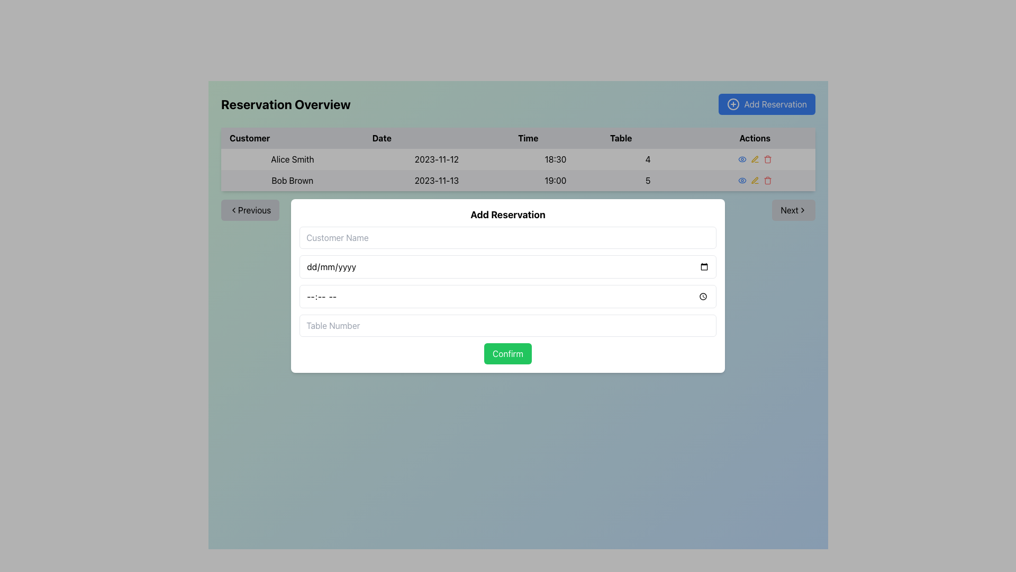  What do you see at coordinates (754, 159) in the screenshot?
I see `the yellow pencil icon located in the 'Actions' column of the first row of the data table for the reservation entry of 'Alice Smith' to change its color` at bounding box center [754, 159].